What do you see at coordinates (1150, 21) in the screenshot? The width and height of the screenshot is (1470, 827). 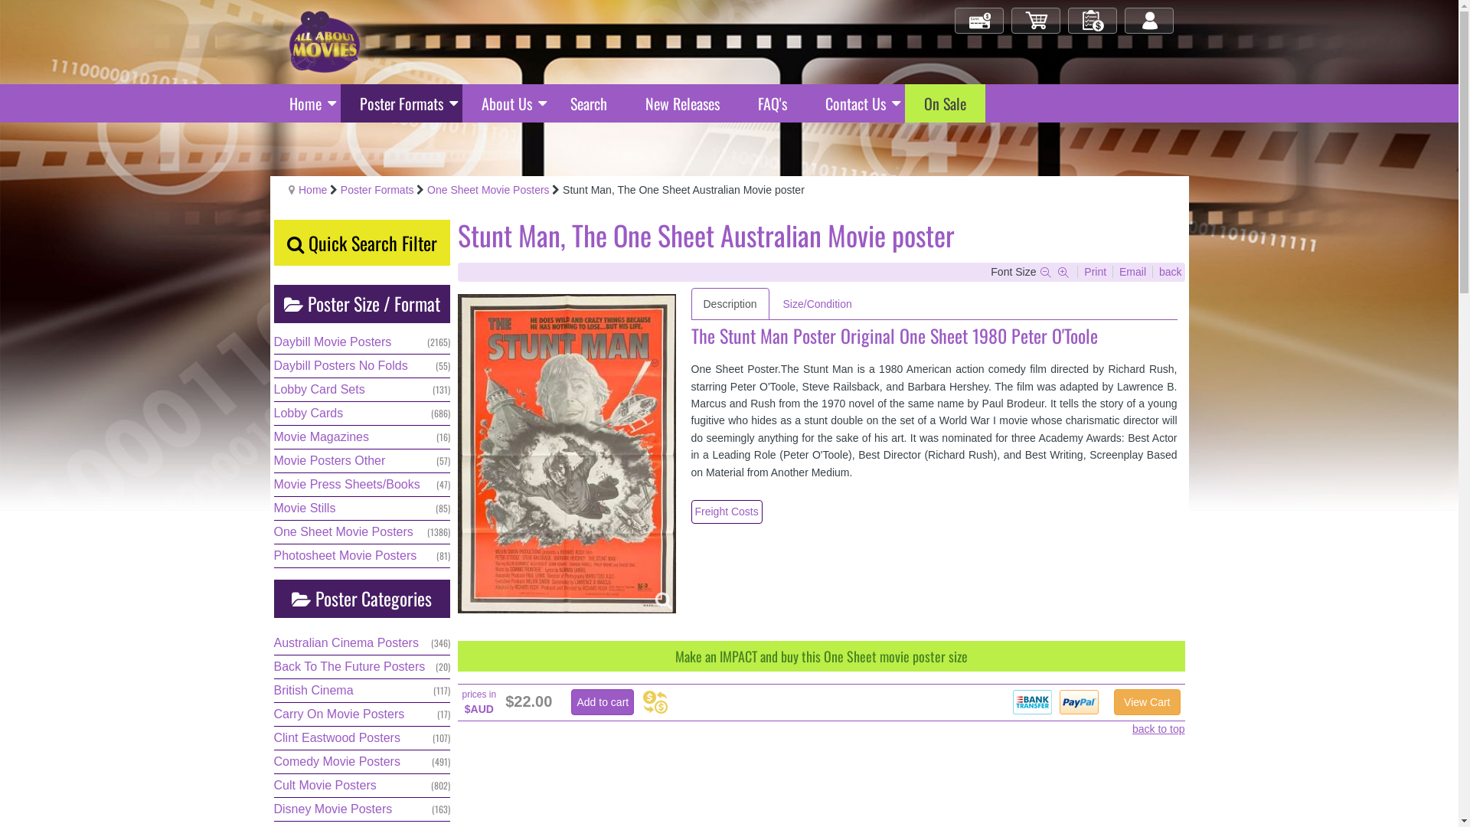 I see `'Log in/out'` at bounding box center [1150, 21].